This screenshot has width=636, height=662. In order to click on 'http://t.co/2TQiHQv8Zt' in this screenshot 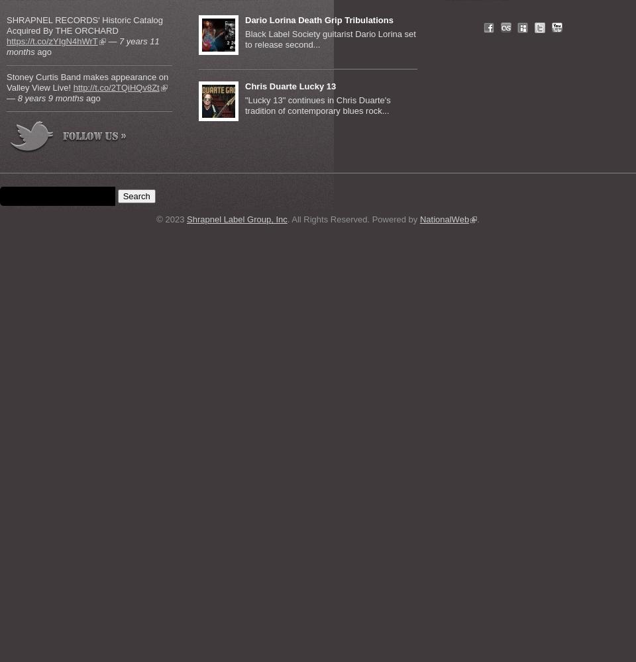, I will do `click(115, 87)`.